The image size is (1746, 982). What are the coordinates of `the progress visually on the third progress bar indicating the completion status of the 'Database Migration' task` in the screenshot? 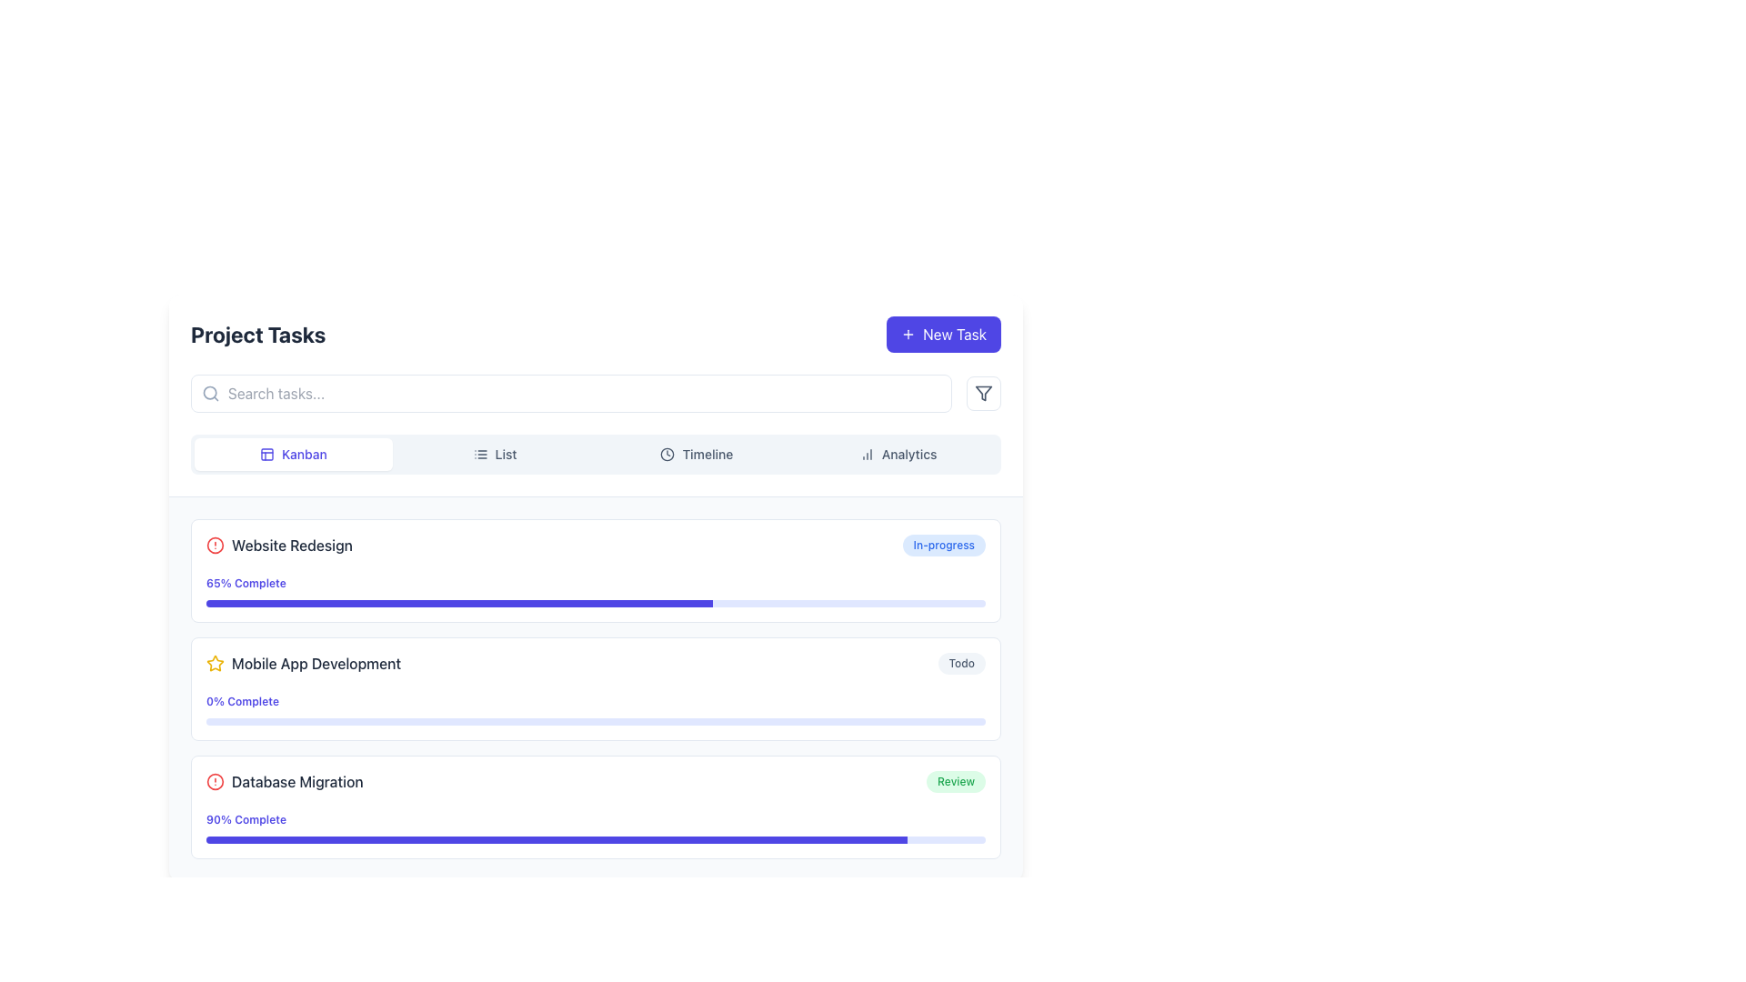 It's located at (596, 840).